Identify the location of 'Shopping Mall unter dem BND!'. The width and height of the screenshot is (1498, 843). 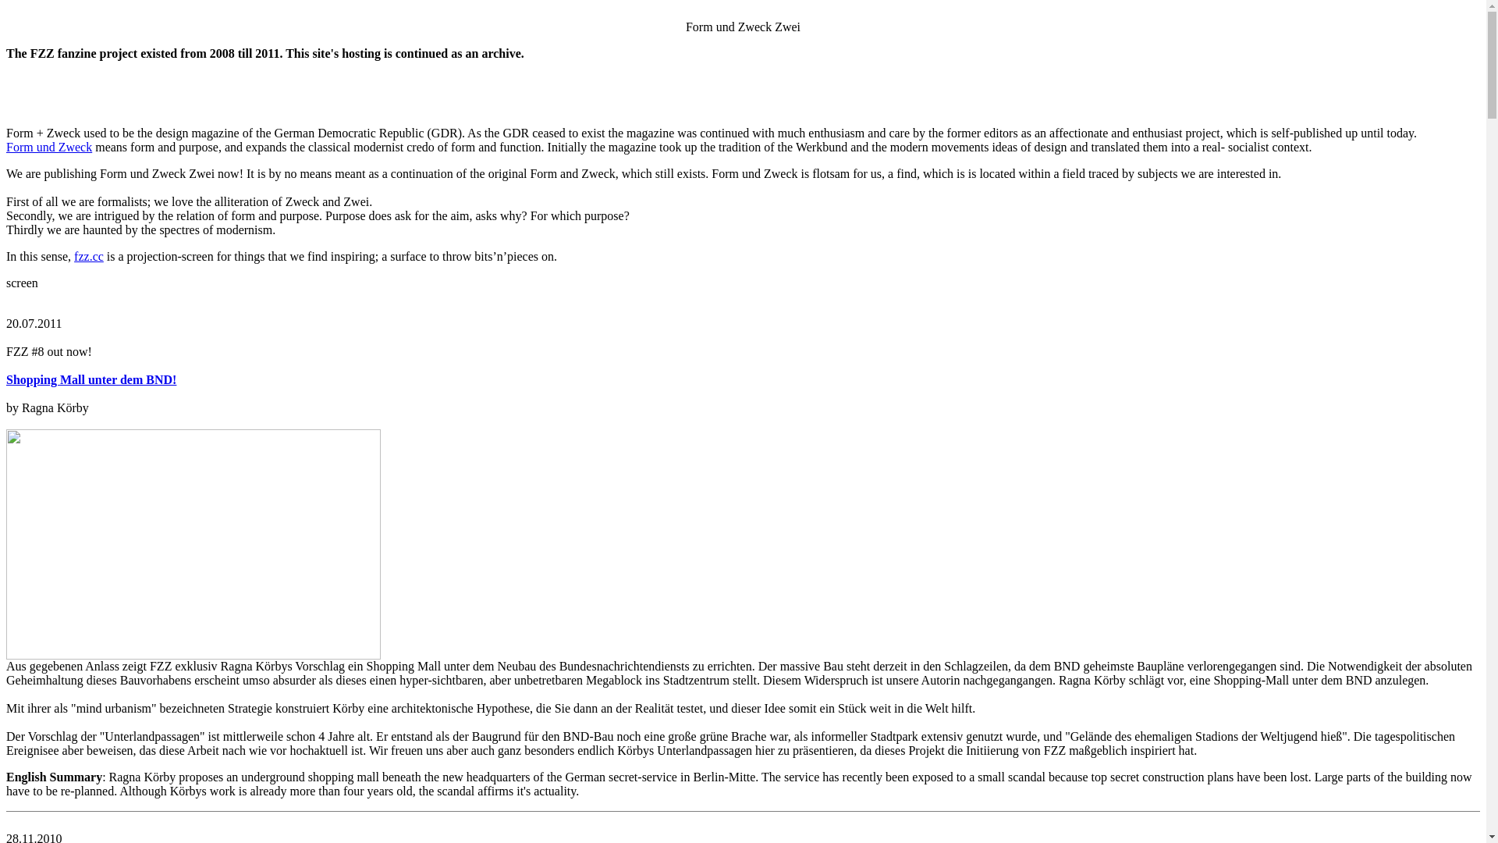
(6, 379).